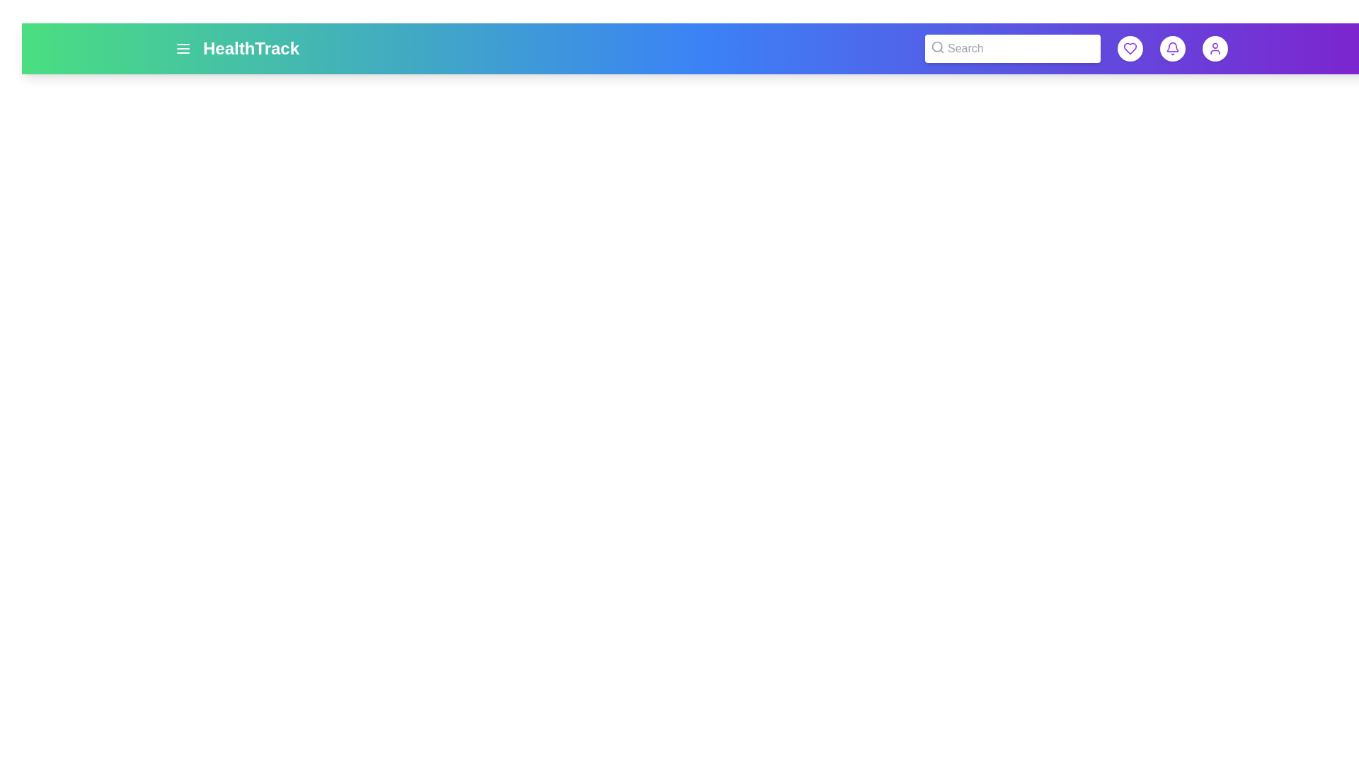  Describe the element at coordinates (1172, 48) in the screenshot. I see `notification button` at that location.